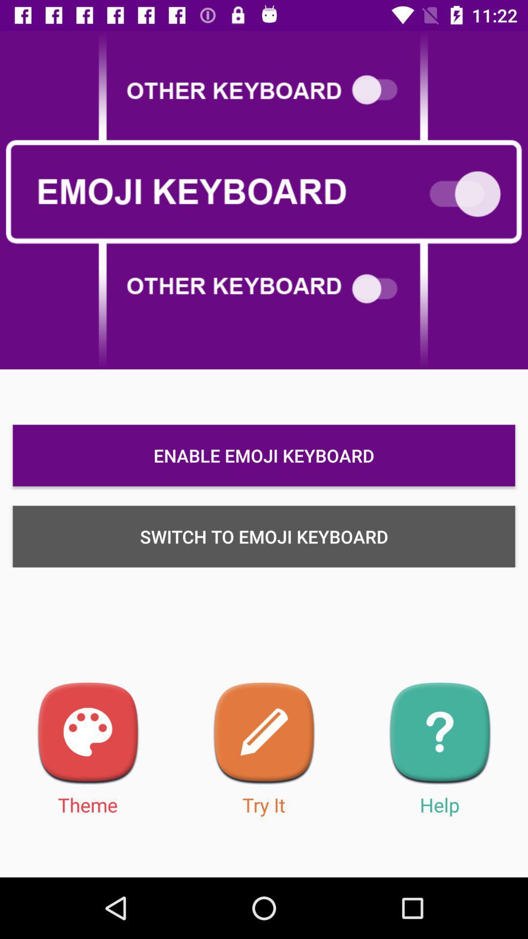  What do you see at coordinates (88, 734) in the screenshot?
I see `theme` at bounding box center [88, 734].